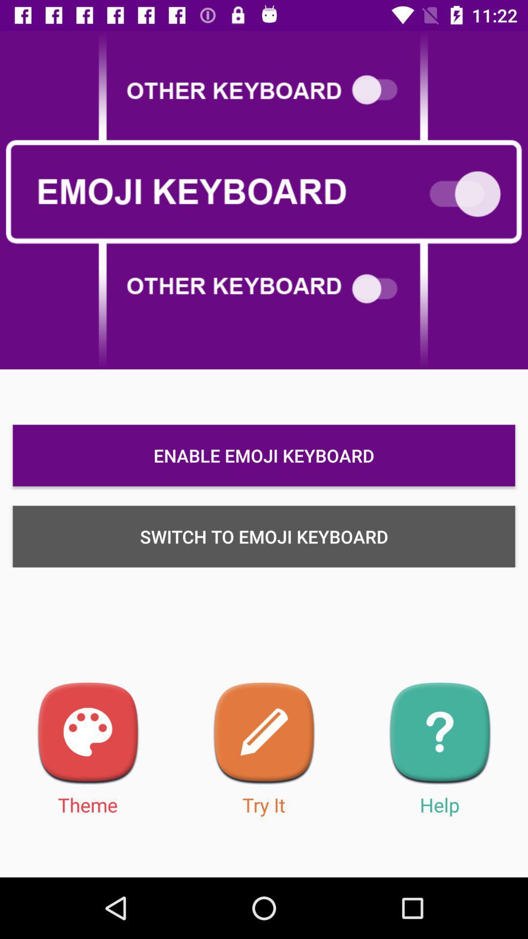  What do you see at coordinates (88, 734) in the screenshot?
I see `theme` at bounding box center [88, 734].